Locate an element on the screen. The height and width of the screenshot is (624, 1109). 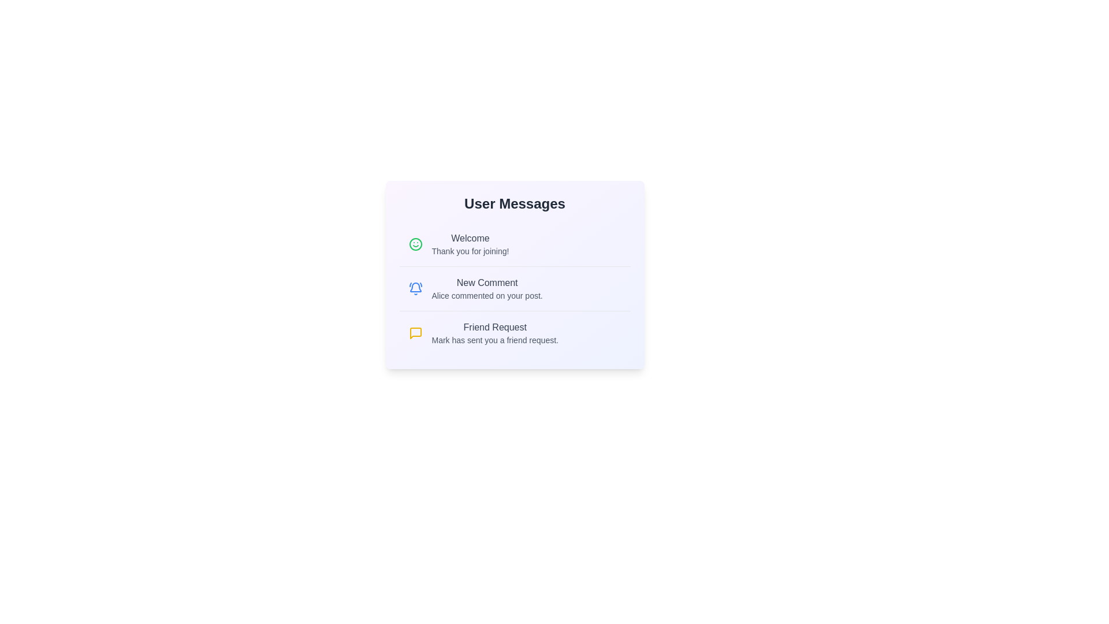
the message item titled 'Welcome' is located at coordinates (514, 244).